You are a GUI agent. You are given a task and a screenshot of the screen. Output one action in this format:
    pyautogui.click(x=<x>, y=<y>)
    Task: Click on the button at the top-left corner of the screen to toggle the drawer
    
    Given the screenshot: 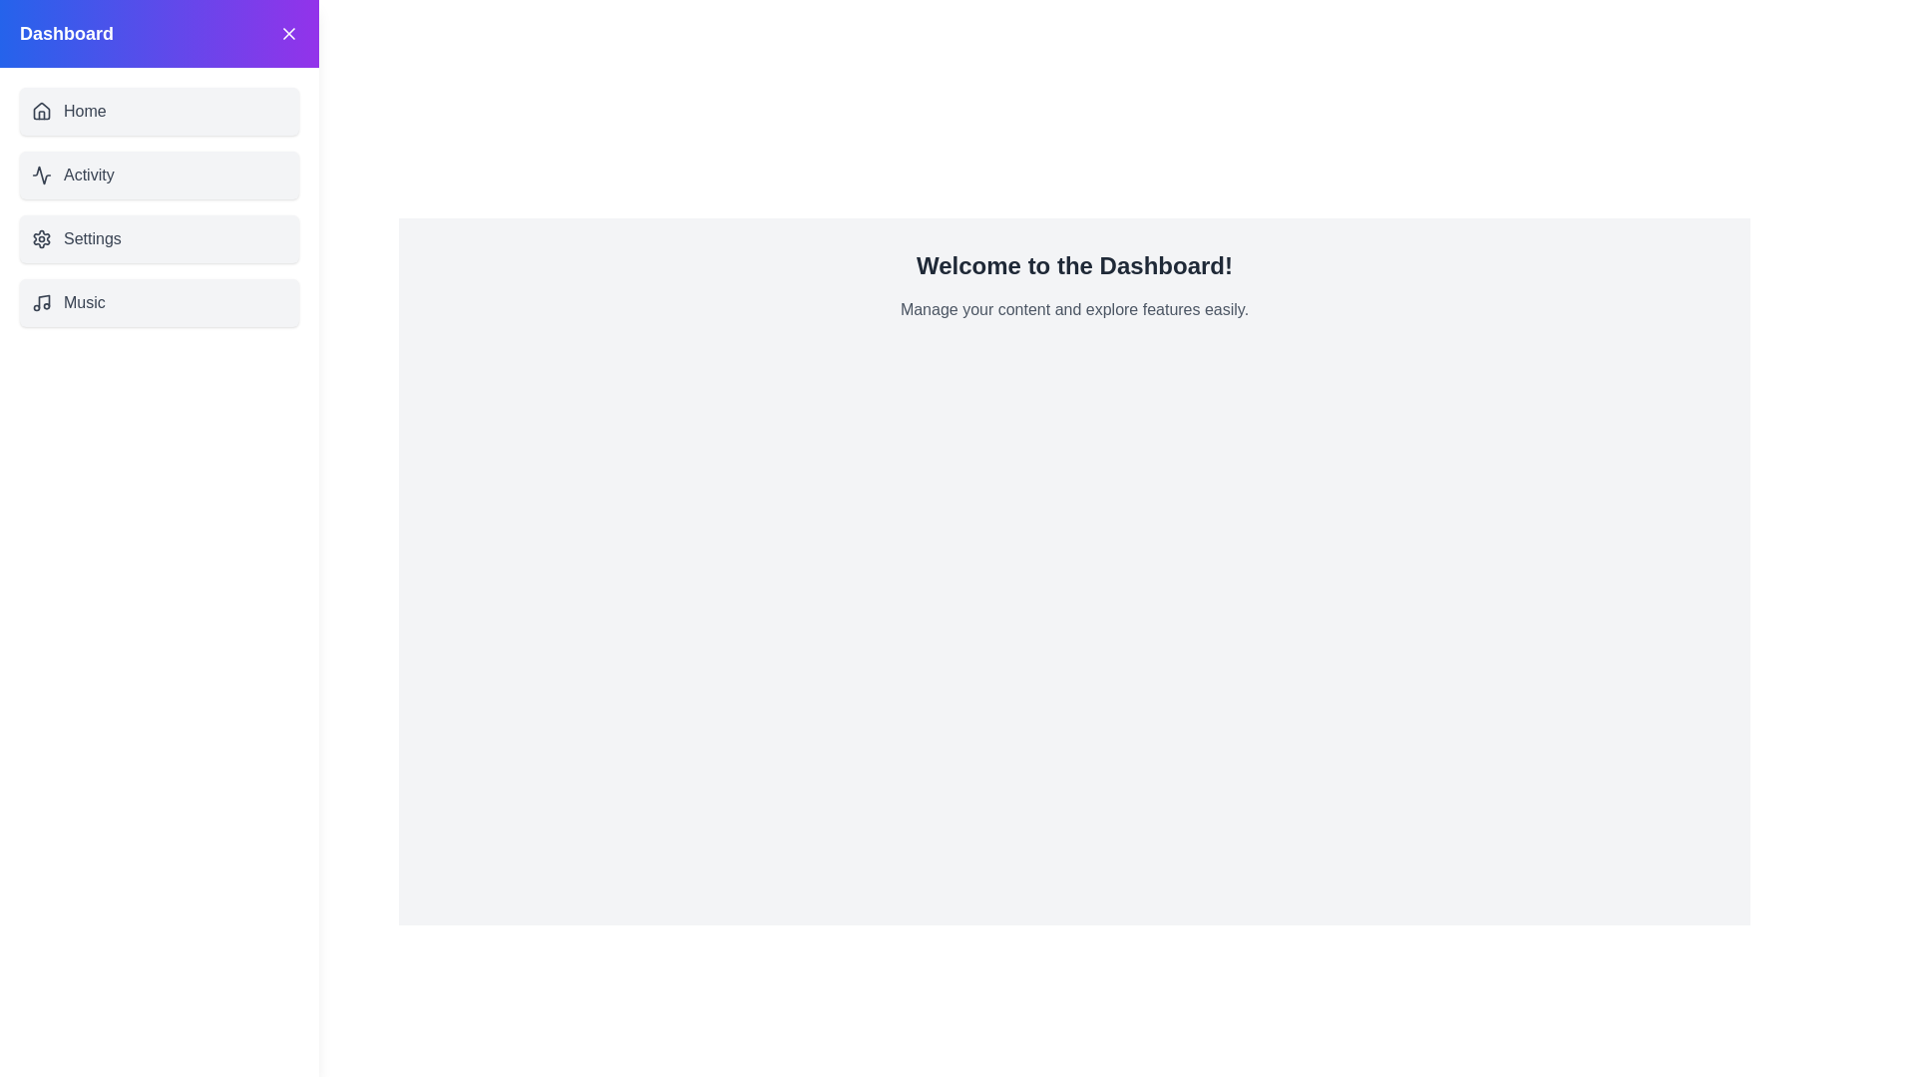 What is the action you would take?
    pyautogui.click(x=48, y=46)
    